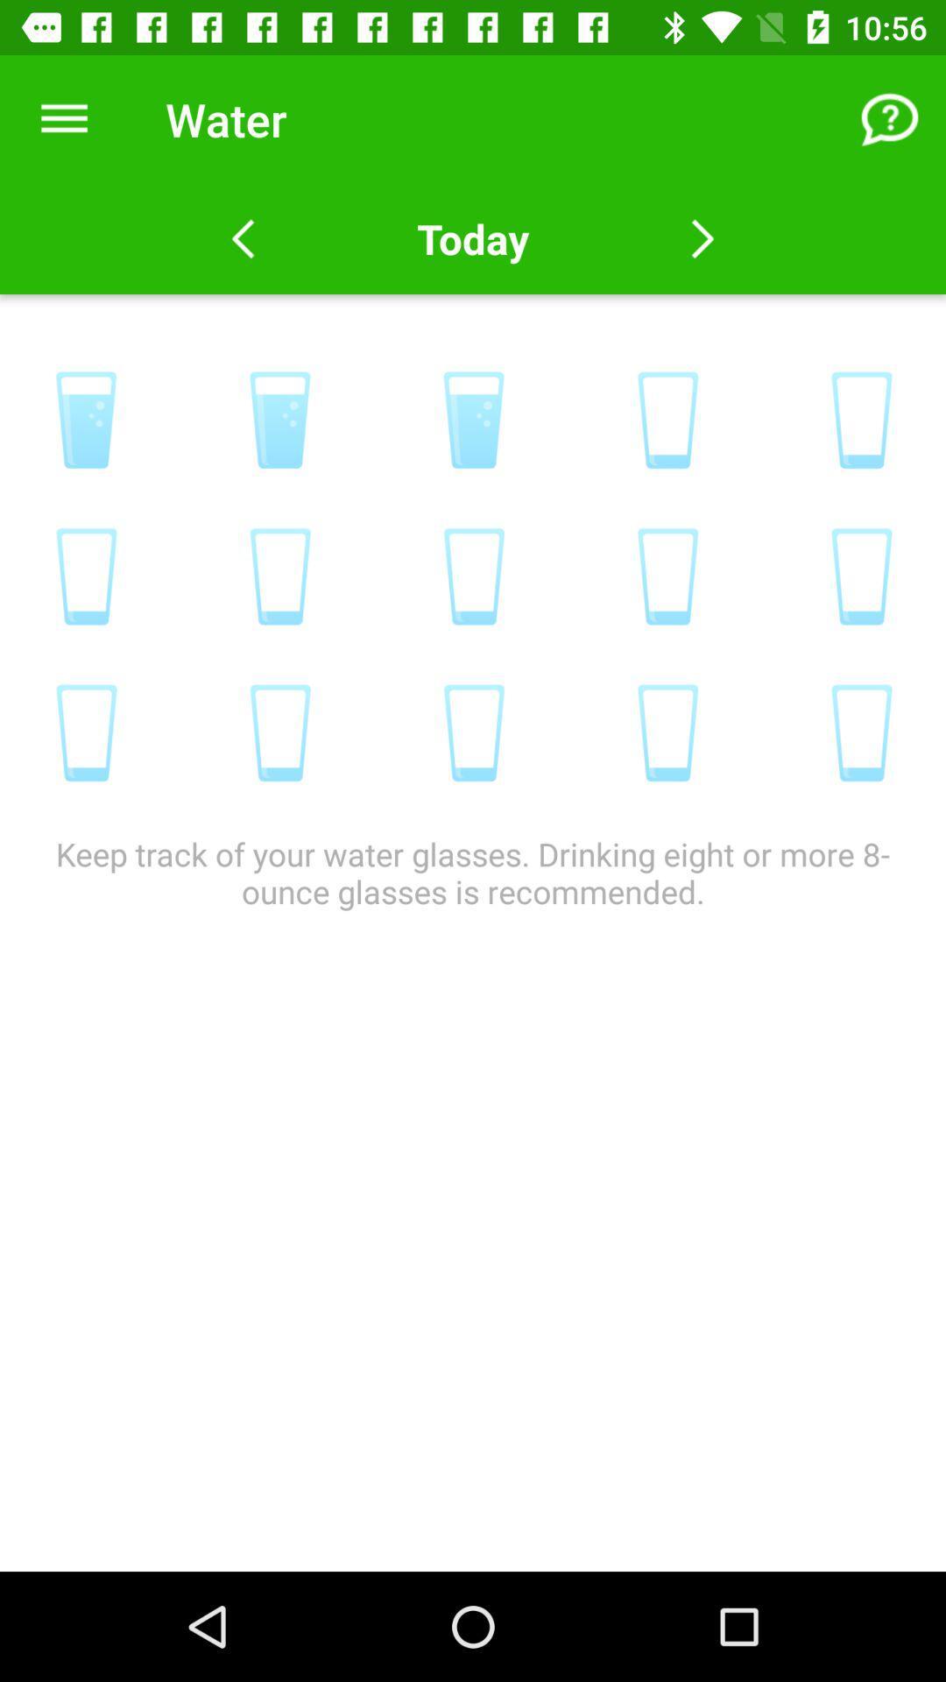 This screenshot has width=946, height=1682. Describe the element at coordinates (243, 238) in the screenshot. I see `back` at that location.